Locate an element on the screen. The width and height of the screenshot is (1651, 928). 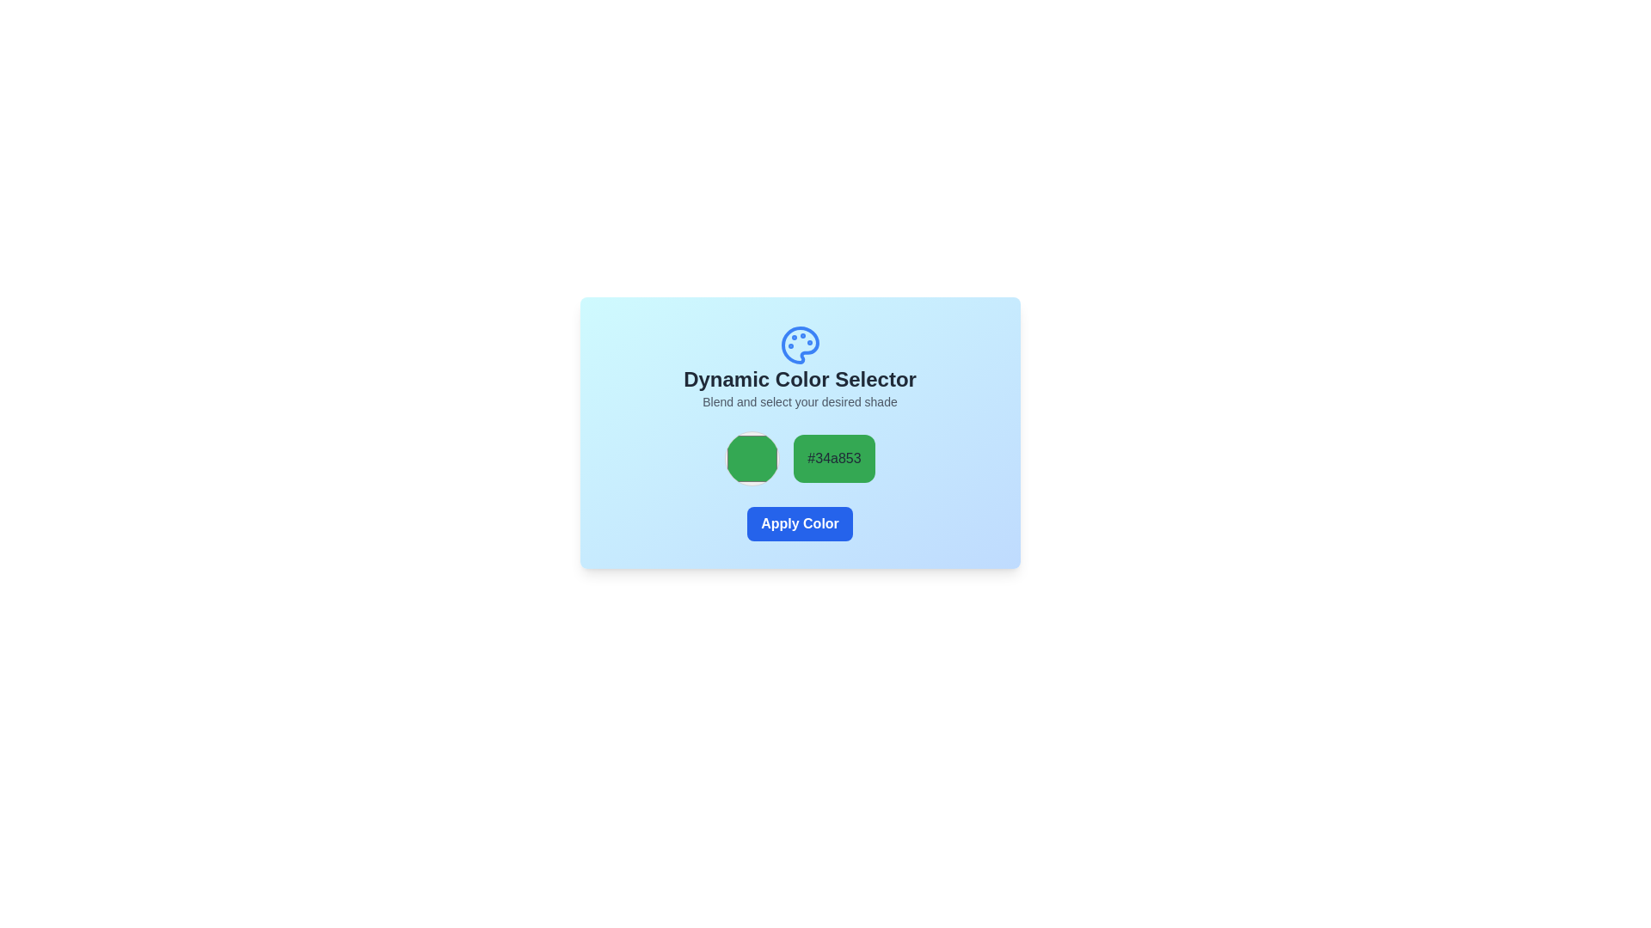
the button at the bottom of the color selection card to apply the currently selected color is located at coordinates (799, 522).